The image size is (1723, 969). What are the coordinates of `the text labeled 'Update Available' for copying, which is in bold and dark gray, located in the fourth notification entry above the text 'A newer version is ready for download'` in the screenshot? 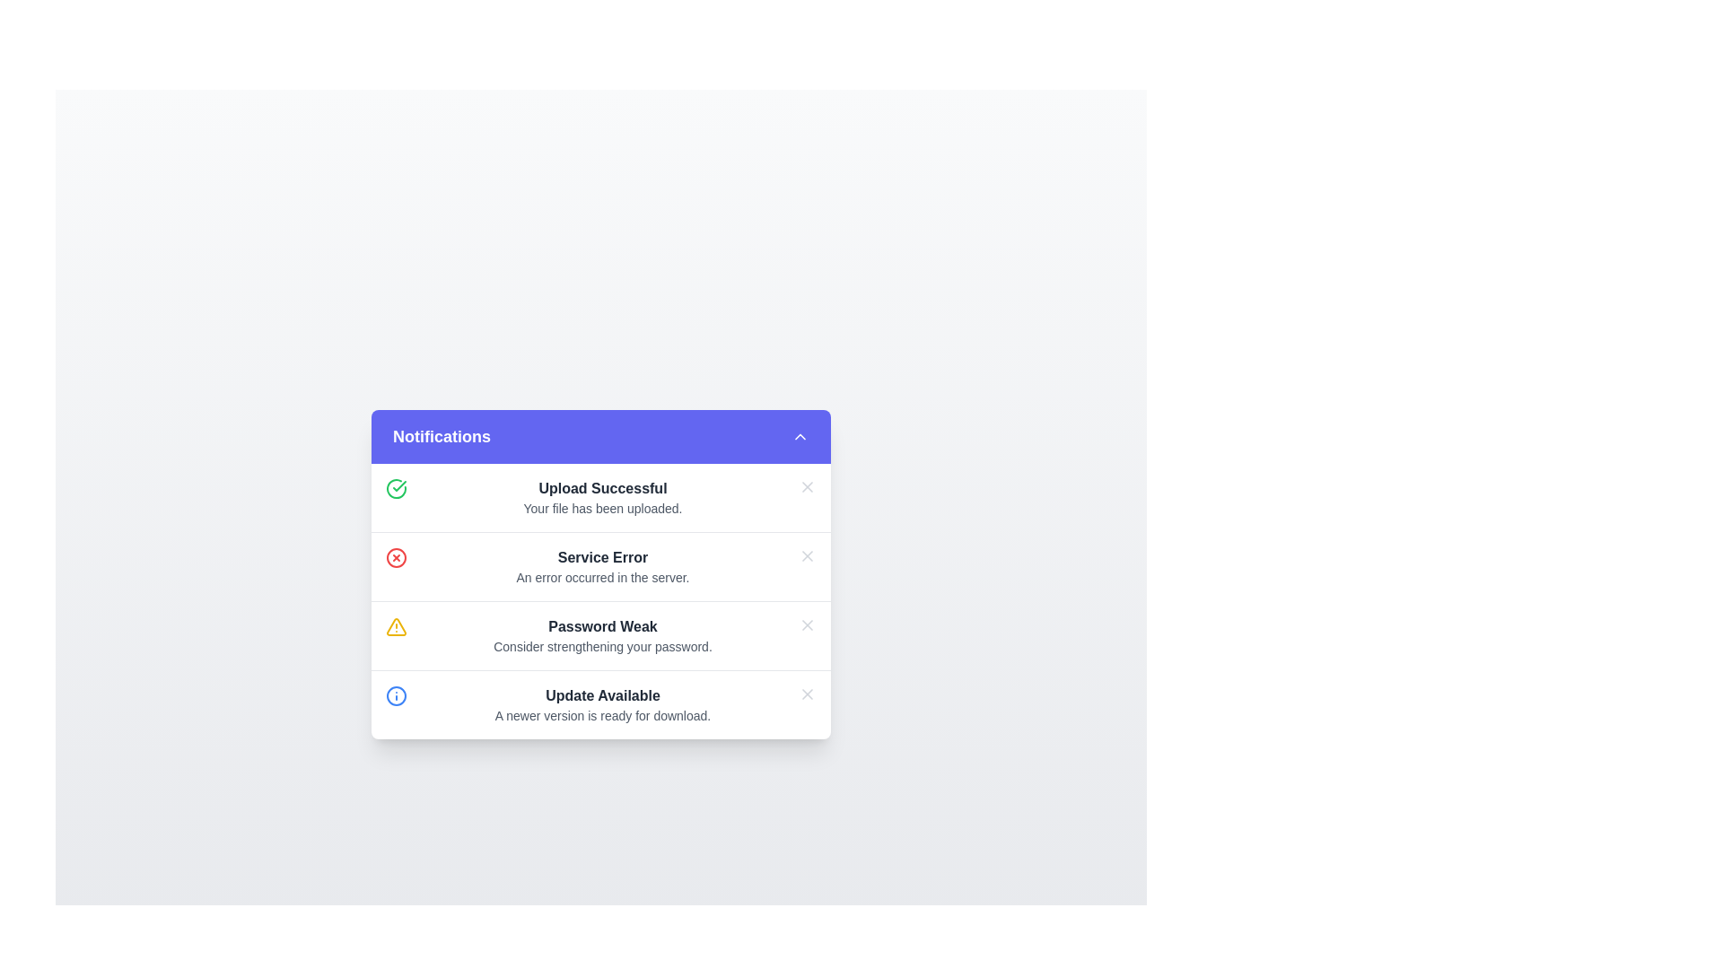 It's located at (603, 694).